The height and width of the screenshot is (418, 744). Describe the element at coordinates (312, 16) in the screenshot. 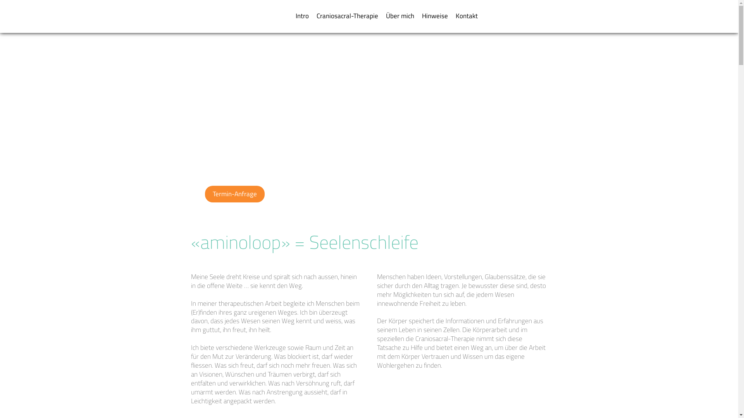

I see `'Craniosacral-Therapie'` at that location.